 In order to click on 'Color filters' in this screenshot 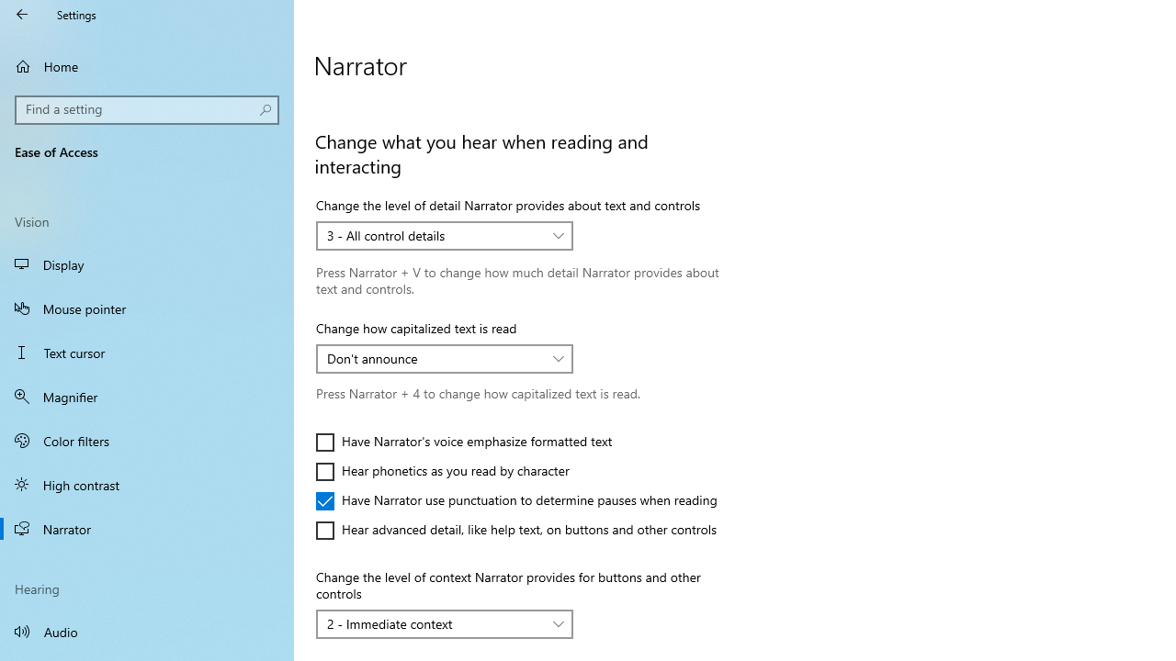, I will do `click(147, 440)`.